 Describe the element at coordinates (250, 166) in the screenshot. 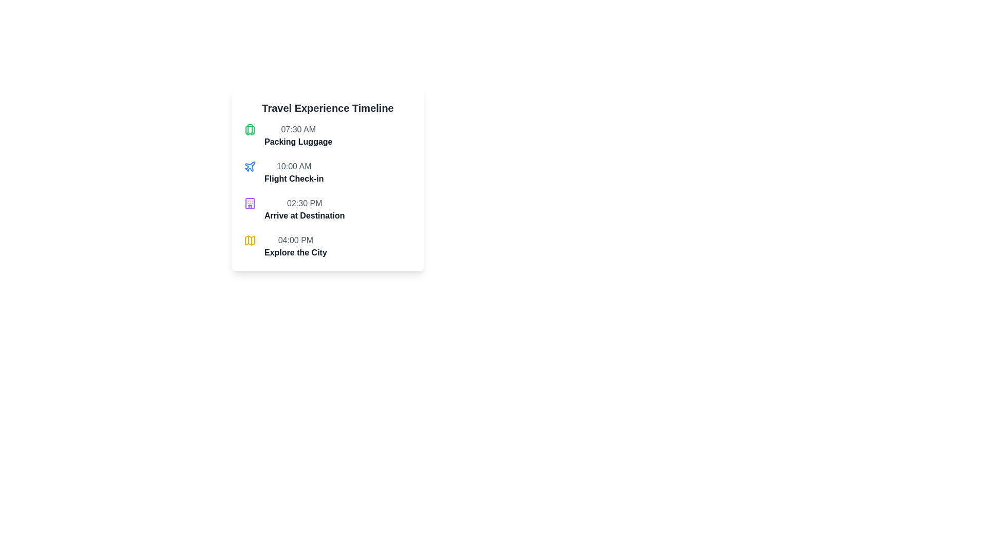

I see `the blue plane icon, which has a minimalist design and is located to the left of the '10:00 AM Flight Check-in' text` at that location.